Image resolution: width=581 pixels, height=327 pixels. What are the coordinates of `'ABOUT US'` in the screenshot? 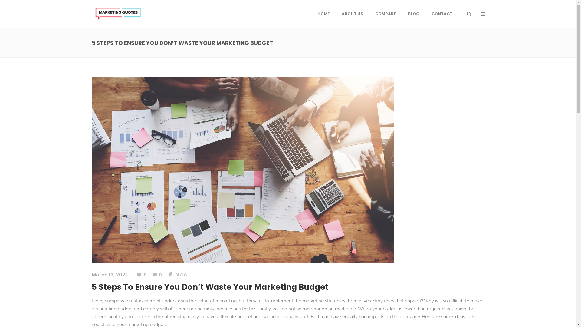 It's located at (352, 14).